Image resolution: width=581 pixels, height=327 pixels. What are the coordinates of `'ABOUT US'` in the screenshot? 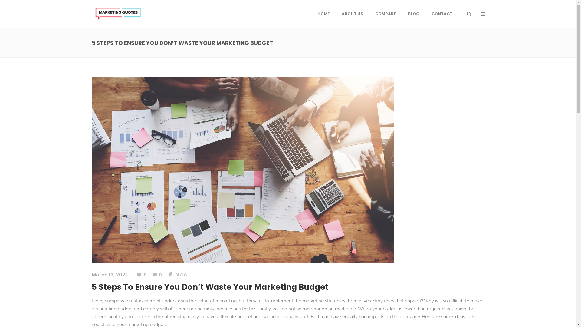 It's located at (352, 14).